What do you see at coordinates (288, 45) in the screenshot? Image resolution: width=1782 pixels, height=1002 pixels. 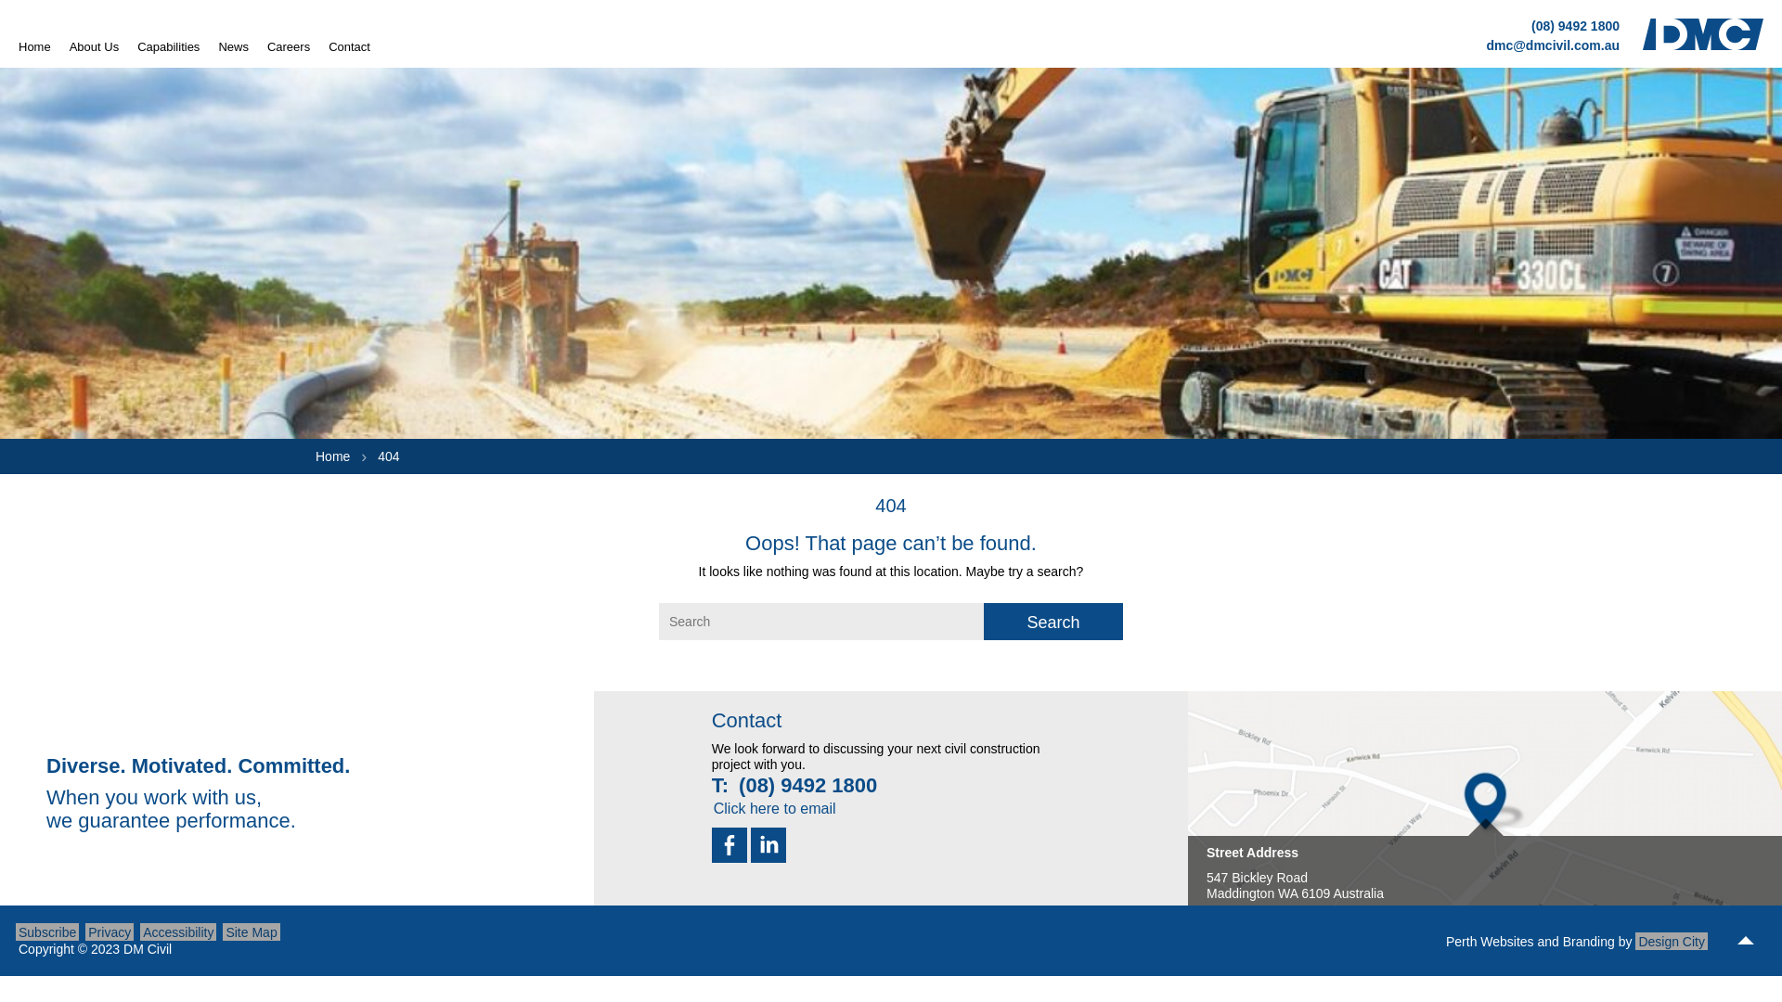 I see `'Careers'` at bounding box center [288, 45].